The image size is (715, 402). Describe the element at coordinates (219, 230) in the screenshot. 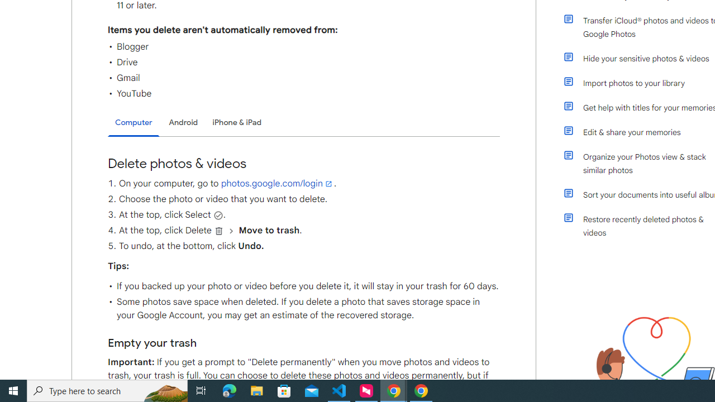

I see `'Delete'` at that location.